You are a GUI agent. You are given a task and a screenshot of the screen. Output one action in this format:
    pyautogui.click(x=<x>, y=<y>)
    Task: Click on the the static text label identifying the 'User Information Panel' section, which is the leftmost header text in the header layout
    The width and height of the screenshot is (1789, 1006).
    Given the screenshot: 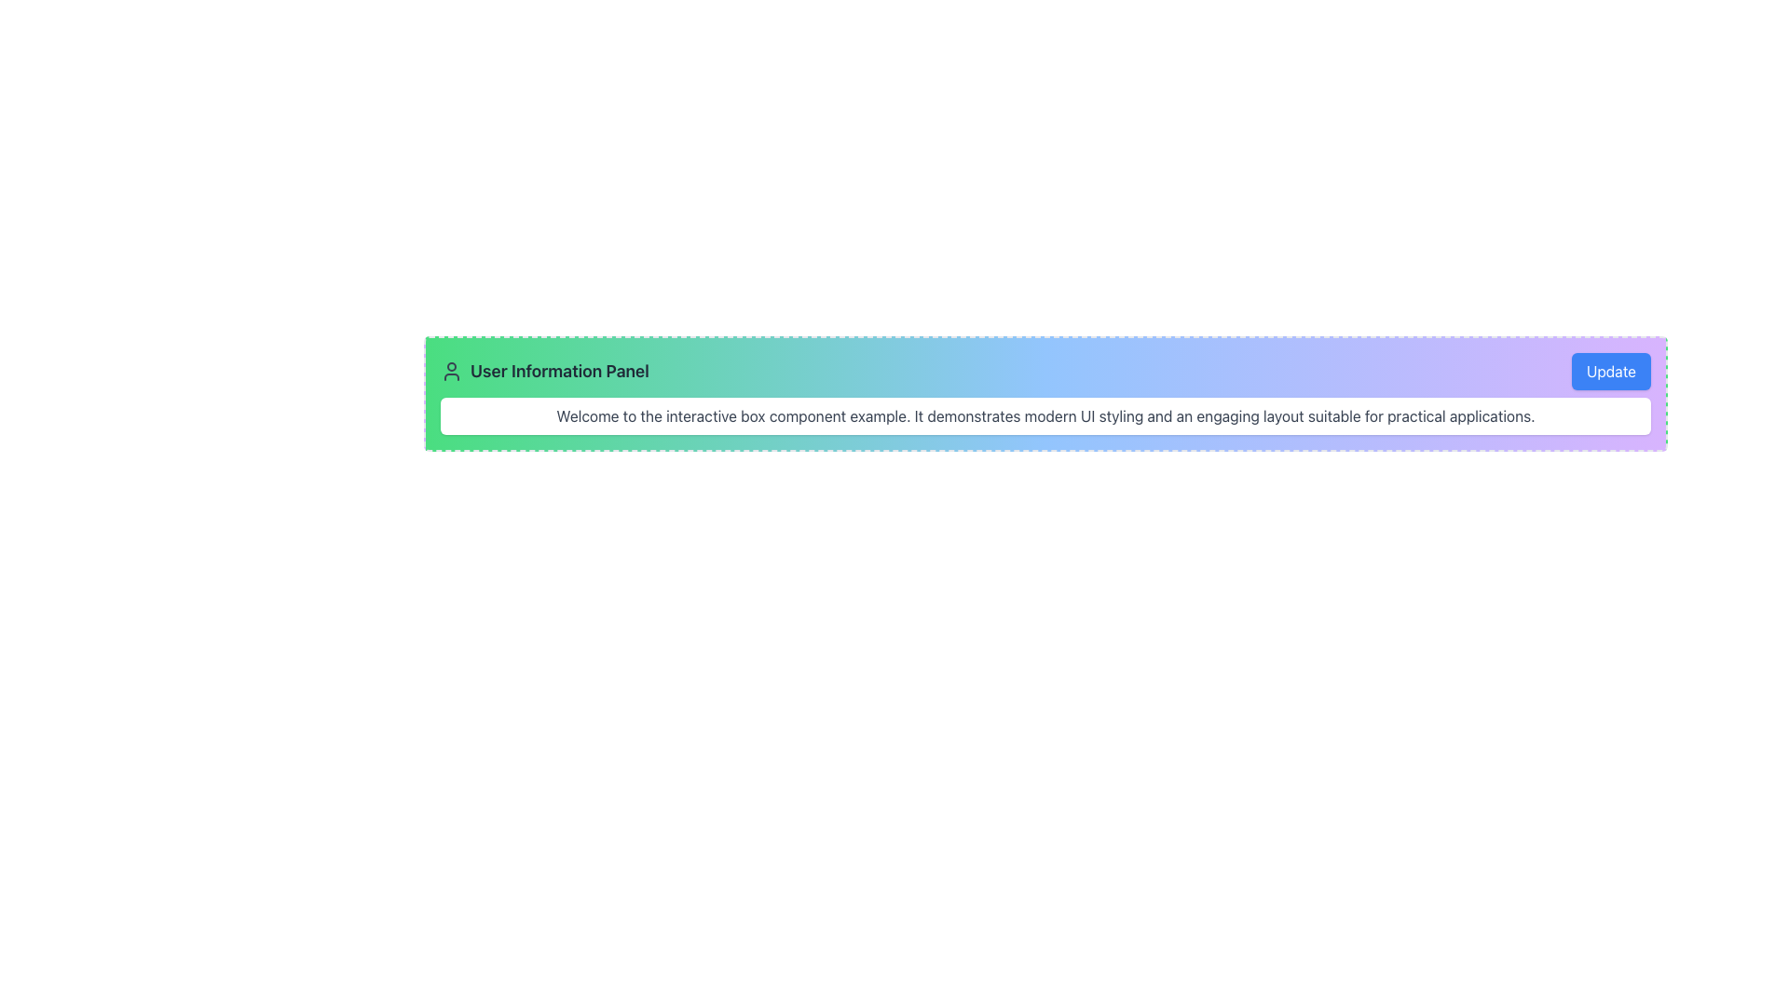 What is the action you would take?
    pyautogui.click(x=543, y=371)
    